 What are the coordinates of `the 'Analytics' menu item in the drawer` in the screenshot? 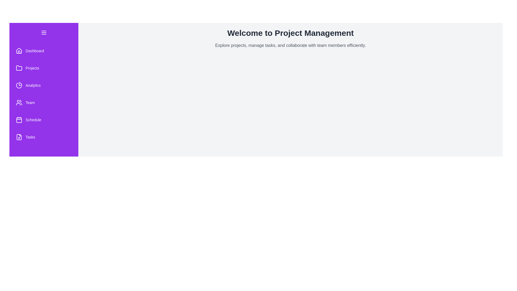 It's located at (44, 85).